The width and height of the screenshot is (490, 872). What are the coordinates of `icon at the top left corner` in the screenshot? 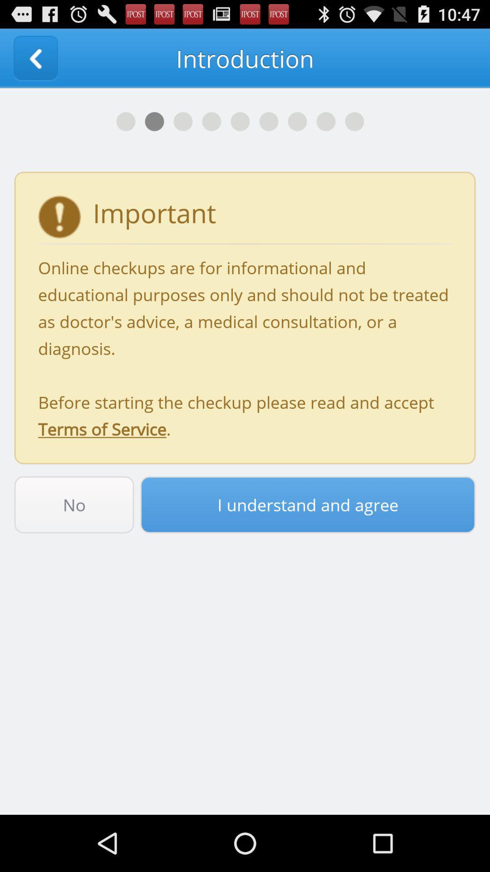 It's located at (35, 58).